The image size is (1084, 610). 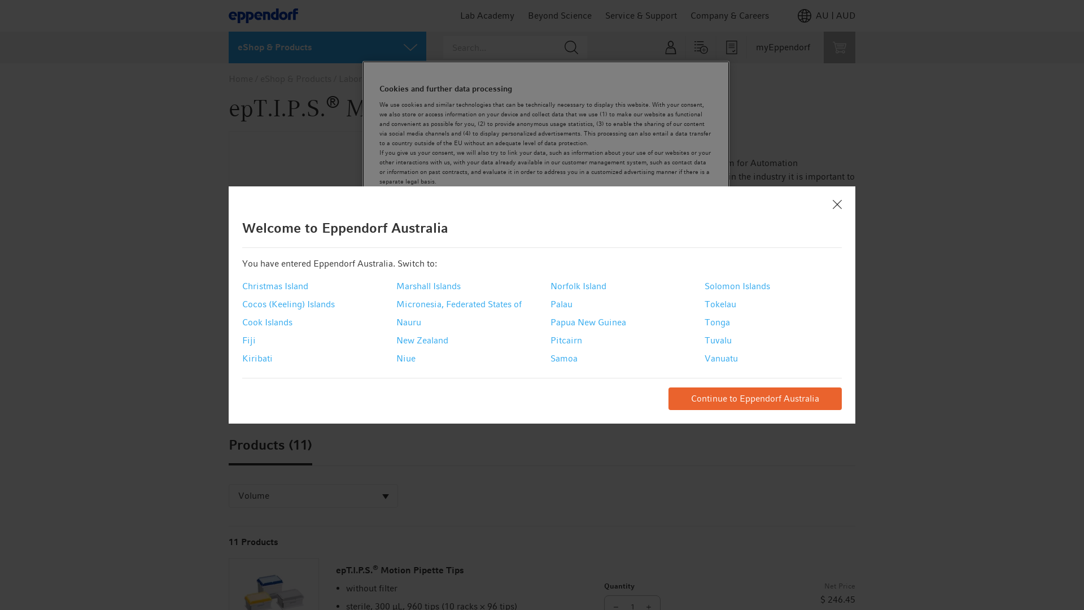 I want to click on 'Palau', so click(x=561, y=304).